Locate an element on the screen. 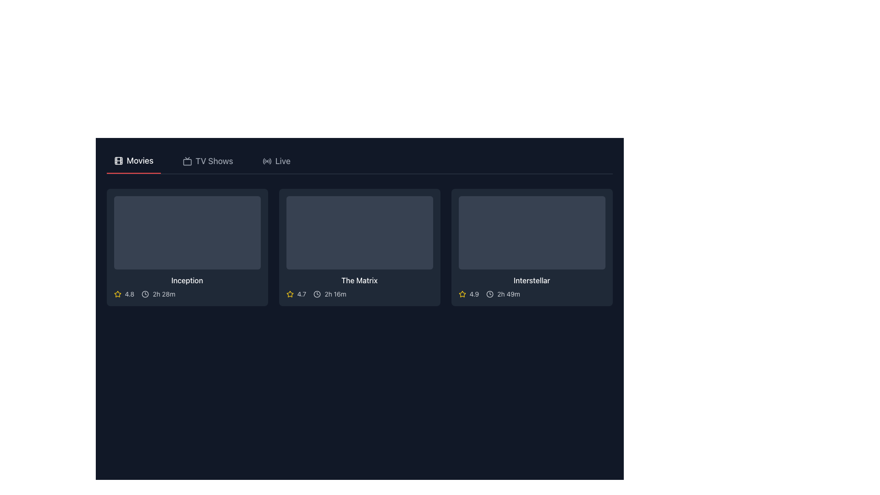 The width and height of the screenshot is (880, 495). the text label displaying '2h 16m', which is located to the right of the clock icon in the bottom section of the card labeled 'The Matrix' is located at coordinates (335, 294).